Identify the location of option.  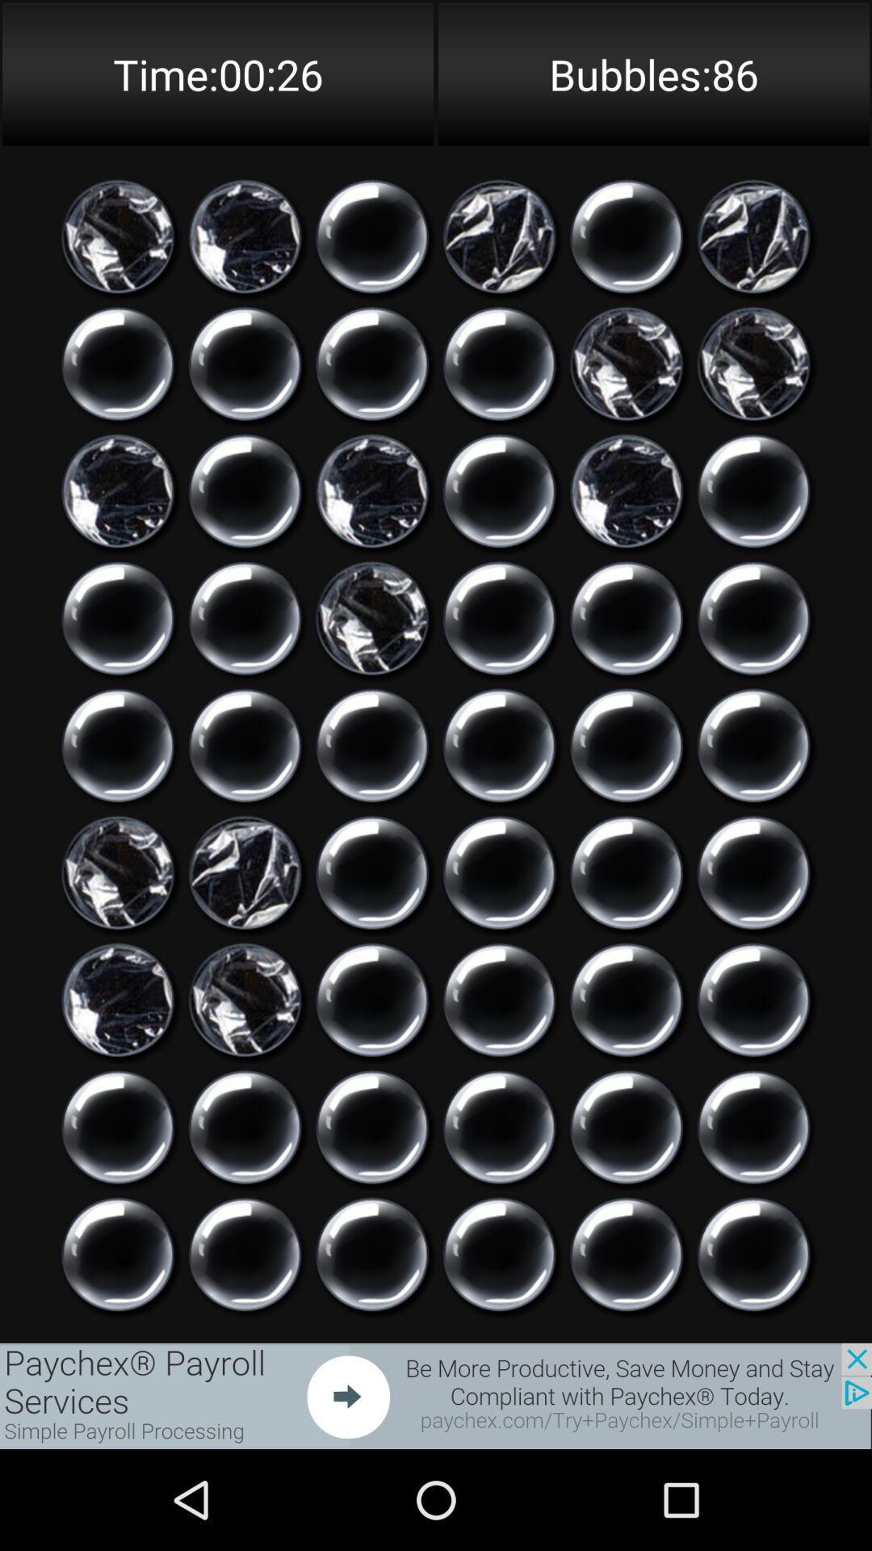
(245, 363).